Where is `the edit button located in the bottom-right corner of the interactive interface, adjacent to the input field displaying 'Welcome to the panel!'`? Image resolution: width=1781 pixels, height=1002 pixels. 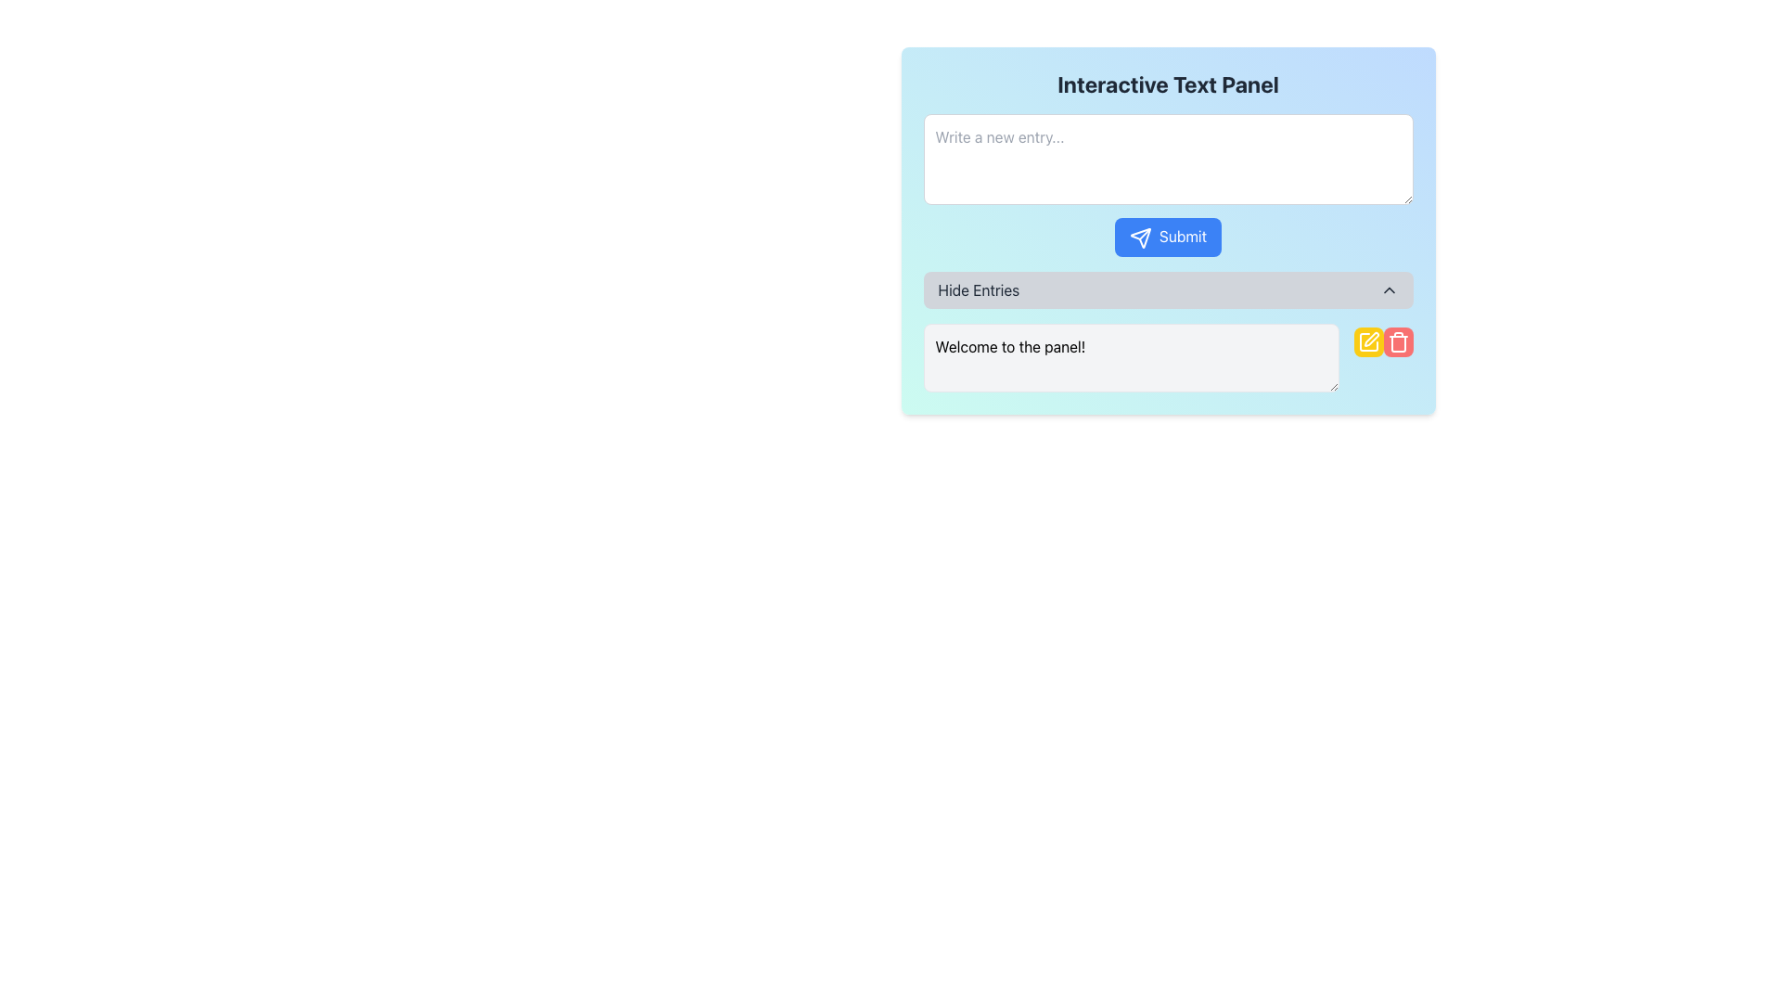
the edit button located in the bottom-right corner of the interactive interface, adjacent to the input field displaying 'Welcome to the panel!' is located at coordinates (1368, 341).